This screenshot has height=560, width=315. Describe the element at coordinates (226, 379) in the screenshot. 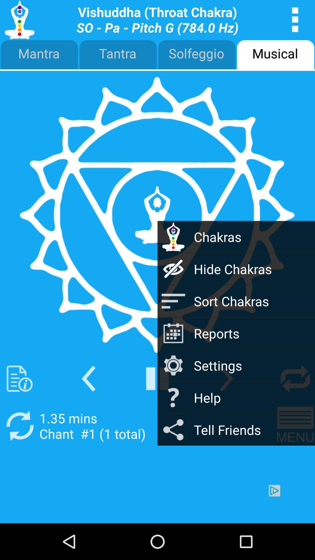

I see `settings` at that location.